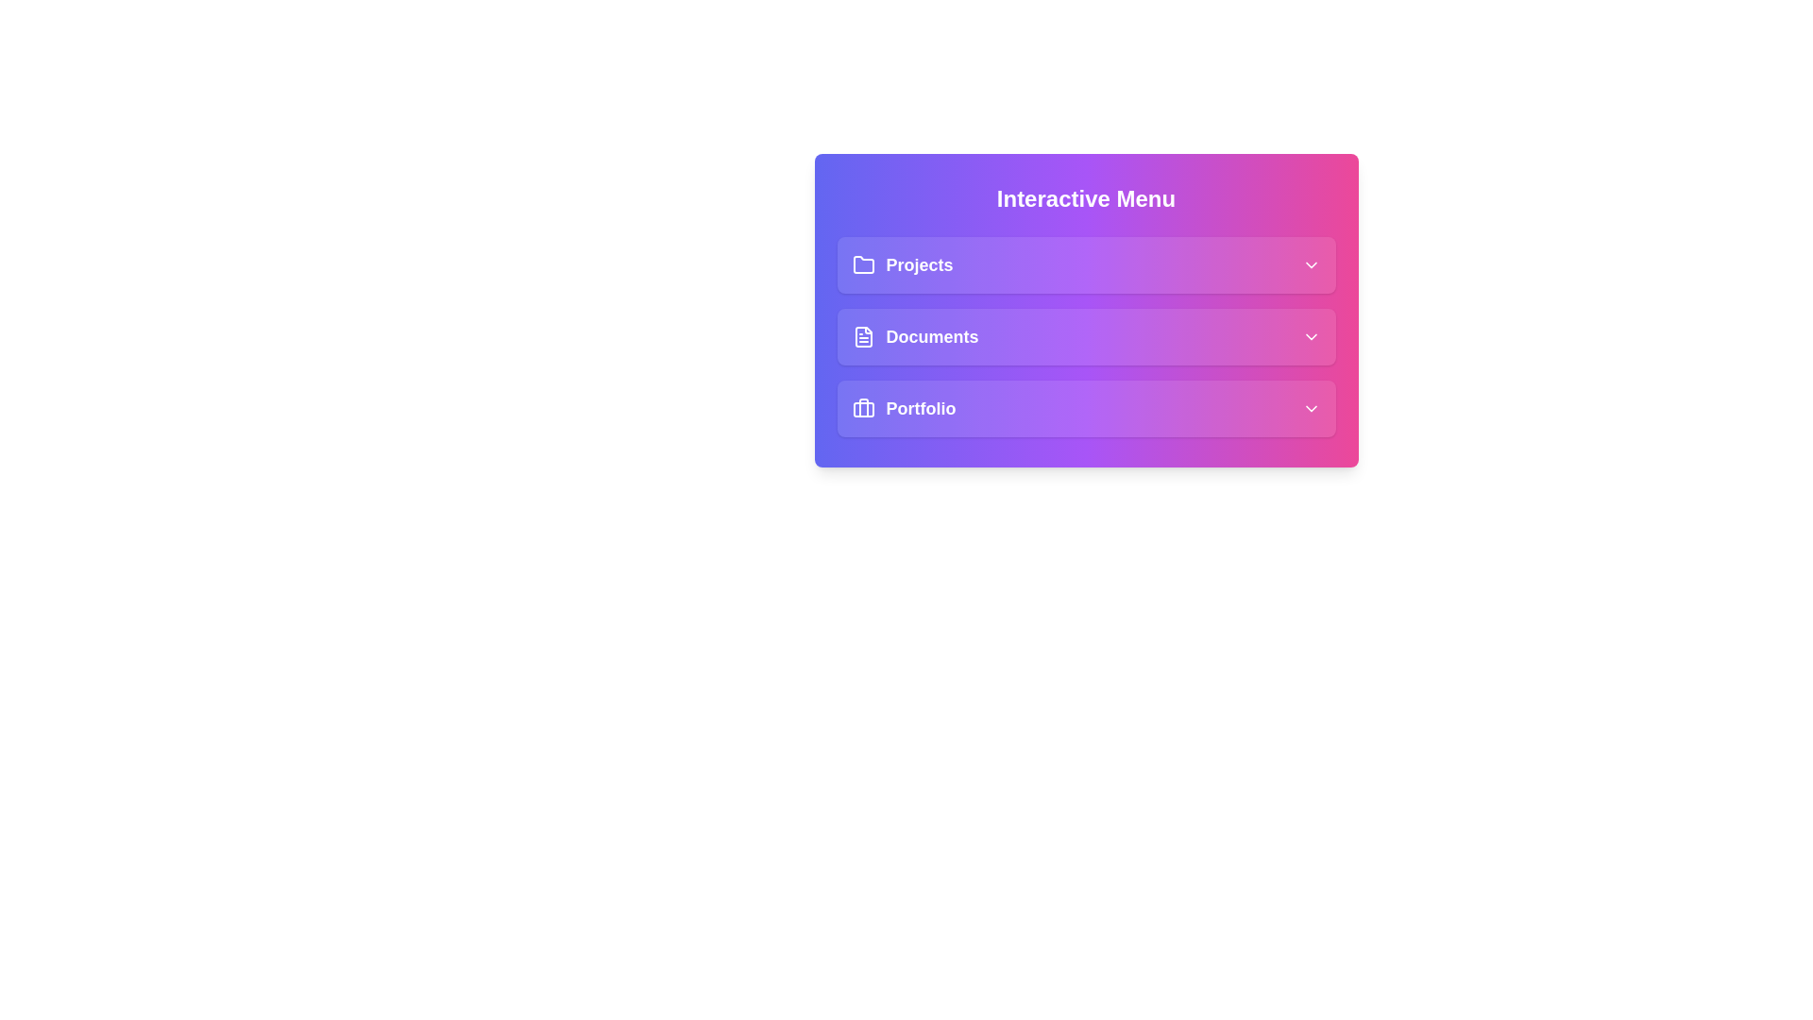  I want to click on the dropdown indicator icon, which is a downward-pointing chevron located on the far-right side of the 'Portfolio' row in the interactive menu, so click(1310, 407).